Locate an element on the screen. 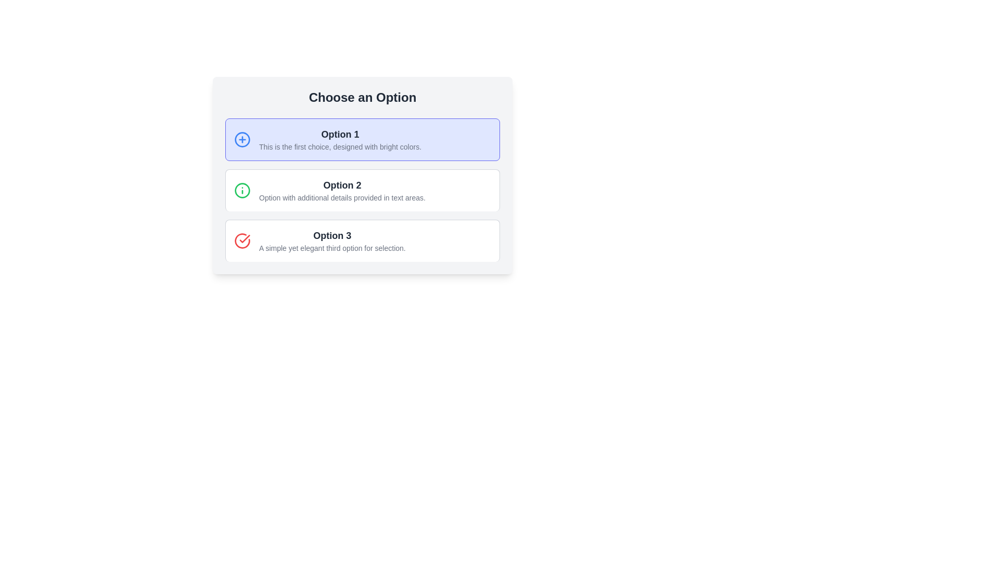  the circular icon with a centered plus symbol, which is the leftmost icon within the highlighted 'Option 1' block is located at coordinates (241, 139).